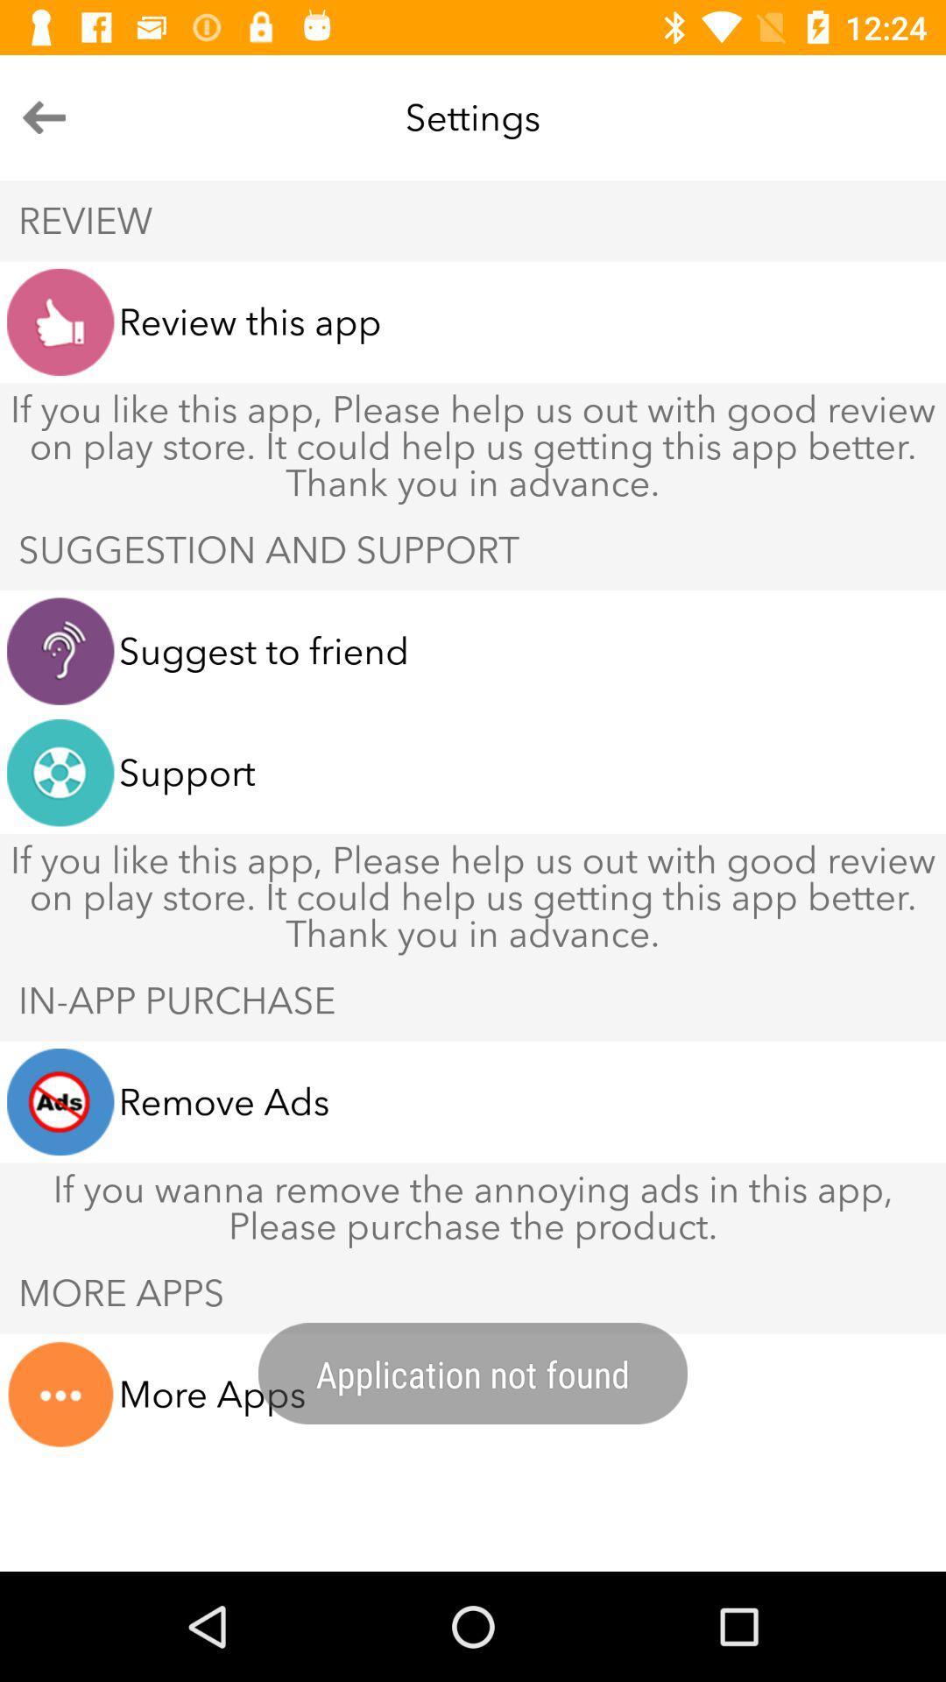 The width and height of the screenshot is (946, 1682). Describe the element at coordinates (43, 117) in the screenshot. I see `the arrow_backward icon` at that location.